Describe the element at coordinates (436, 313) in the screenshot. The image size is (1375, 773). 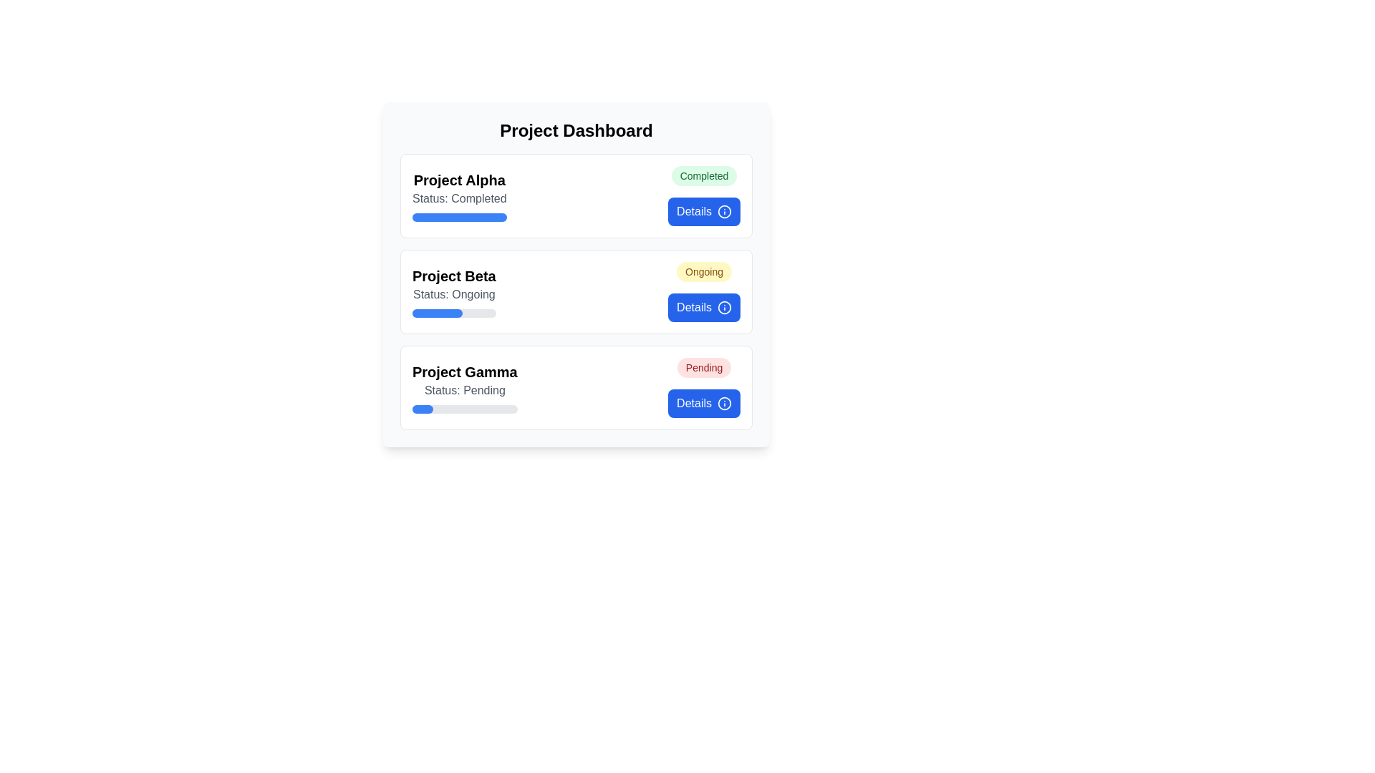
I see `the blue progress bar located under the 'Project Beta: Status: Ongoing' heading in the Project Dashboard interface` at that location.